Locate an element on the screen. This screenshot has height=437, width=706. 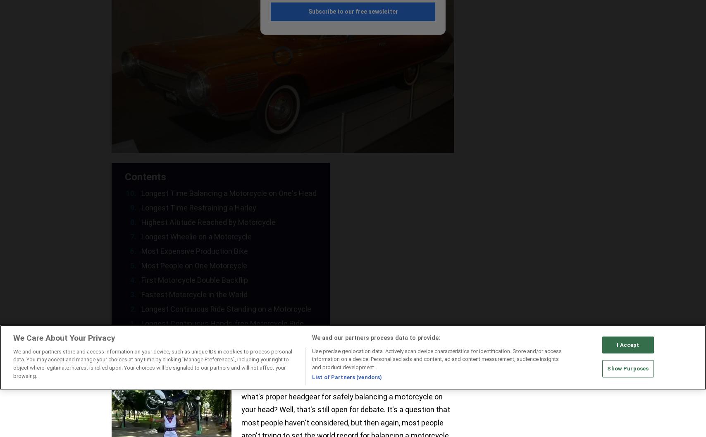
'Longest Wheelie on a Motorcycle' is located at coordinates (196, 236).